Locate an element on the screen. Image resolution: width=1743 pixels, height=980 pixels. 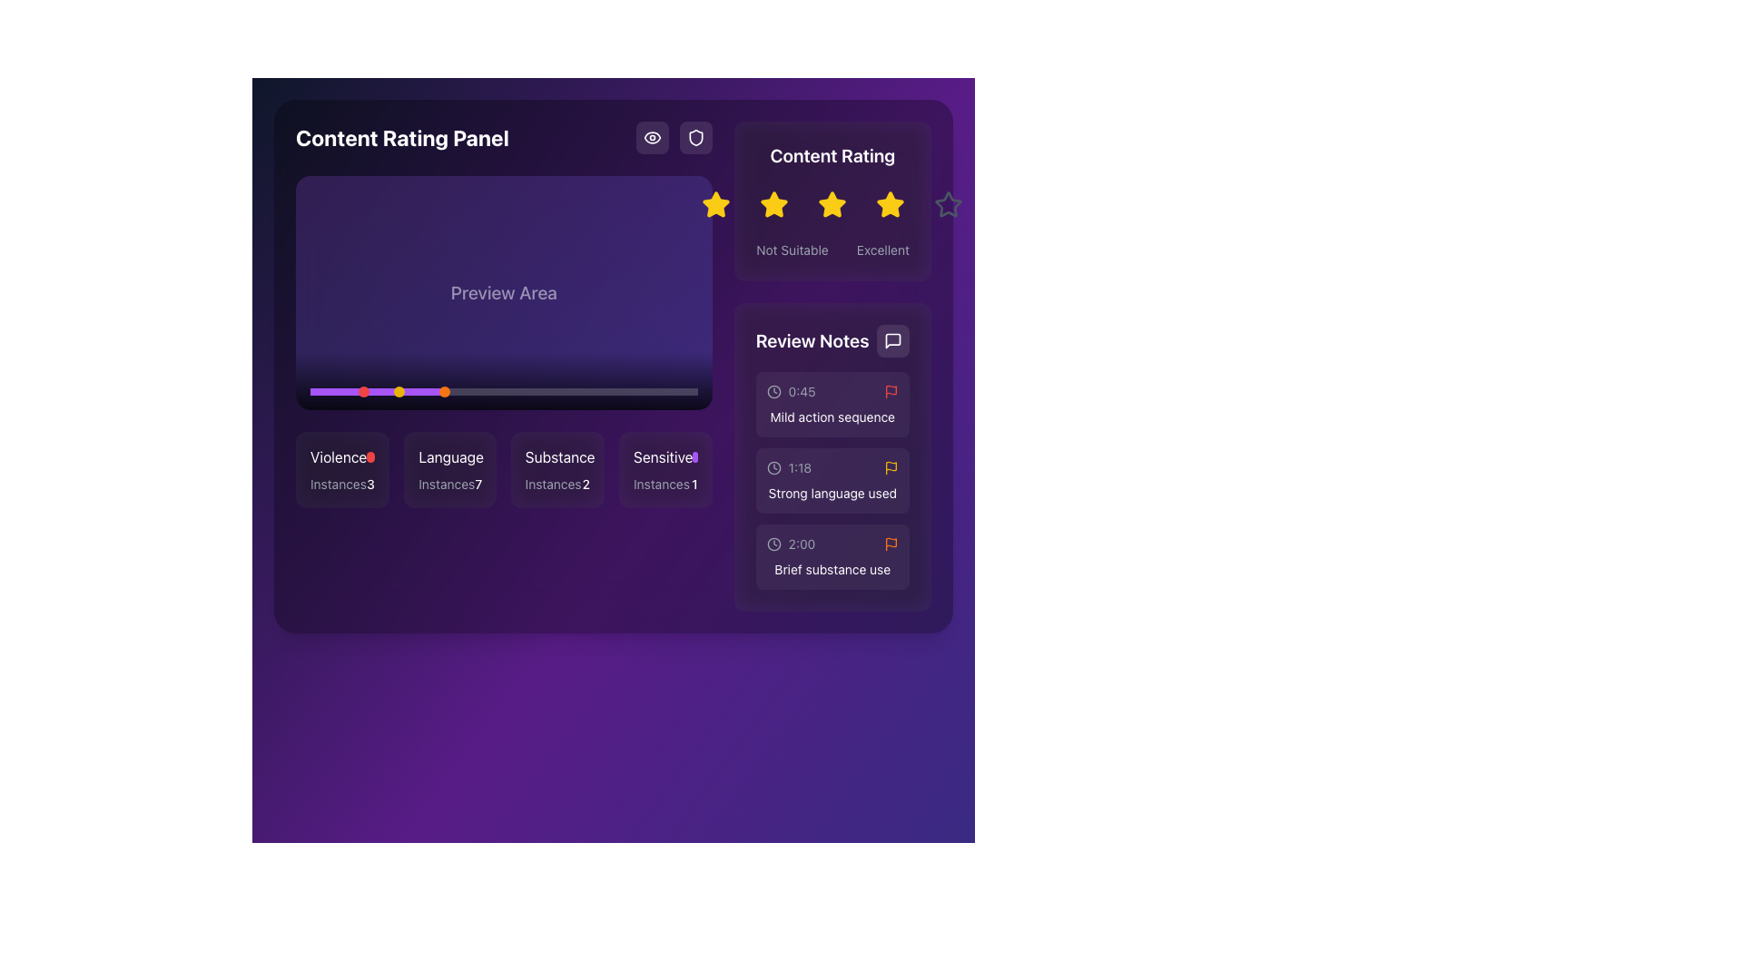
the third yellow star icon in the 5-star rating system under the 'Content Rating' label is located at coordinates (832, 204).